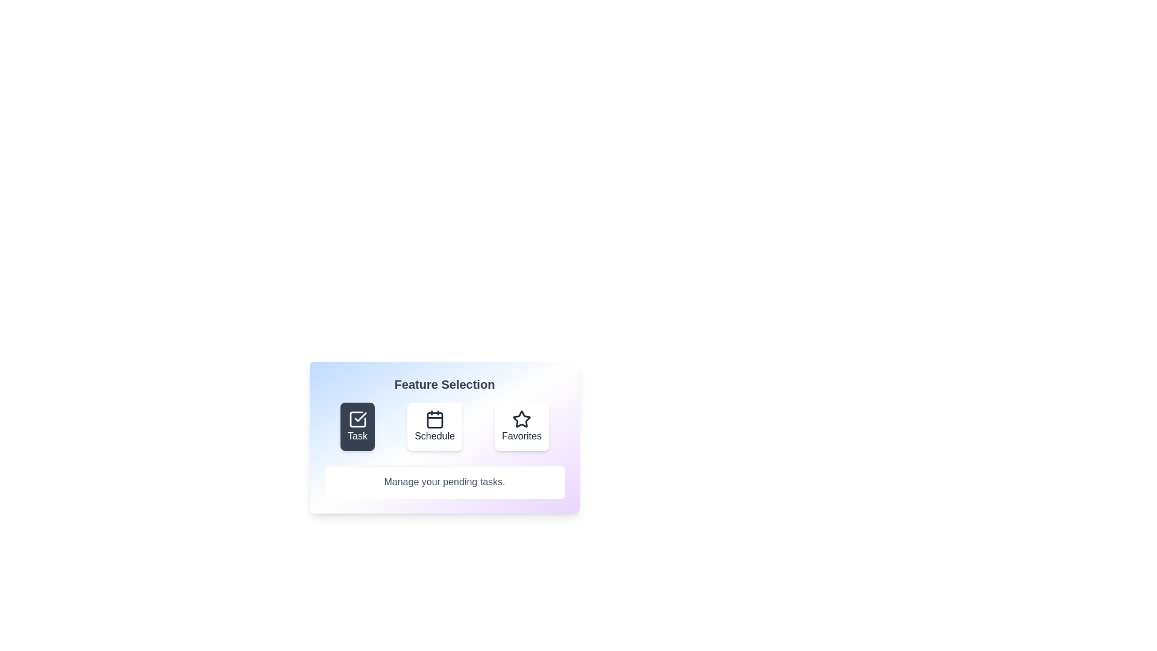 The image size is (1157, 651). Describe the element at coordinates (357, 426) in the screenshot. I see `the feature Task by clicking the corresponding button` at that location.